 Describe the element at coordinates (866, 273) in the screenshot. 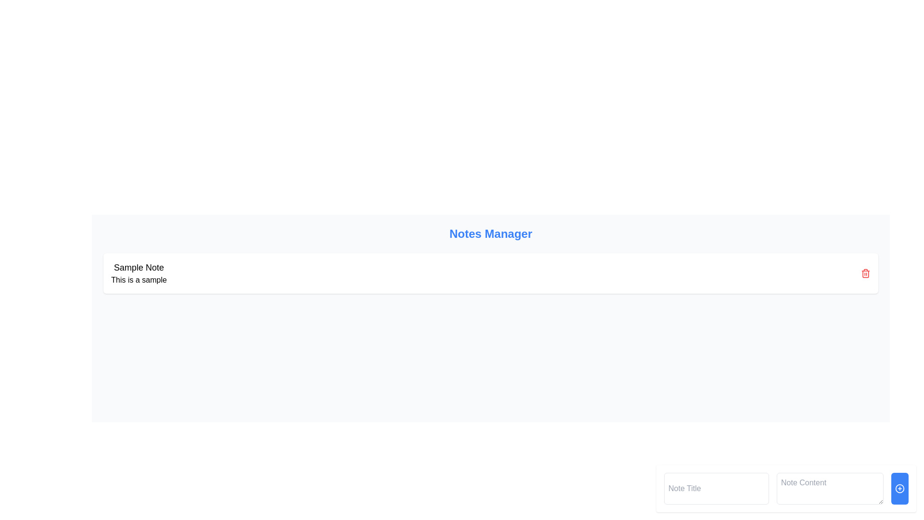

I see `the red trash bin icon` at that location.